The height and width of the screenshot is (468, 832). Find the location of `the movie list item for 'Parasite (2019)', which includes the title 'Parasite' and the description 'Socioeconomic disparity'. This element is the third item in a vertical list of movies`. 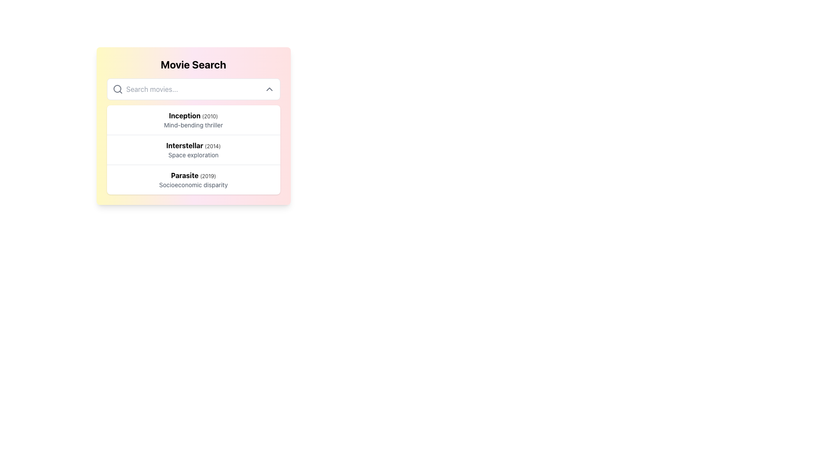

the movie list item for 'Parasite (2019)', which includes the title 'Parasite' and the description 'Socioeconomic disparity'. This element is the third item in a vertical list of movies is located at coordinates (193, 179).